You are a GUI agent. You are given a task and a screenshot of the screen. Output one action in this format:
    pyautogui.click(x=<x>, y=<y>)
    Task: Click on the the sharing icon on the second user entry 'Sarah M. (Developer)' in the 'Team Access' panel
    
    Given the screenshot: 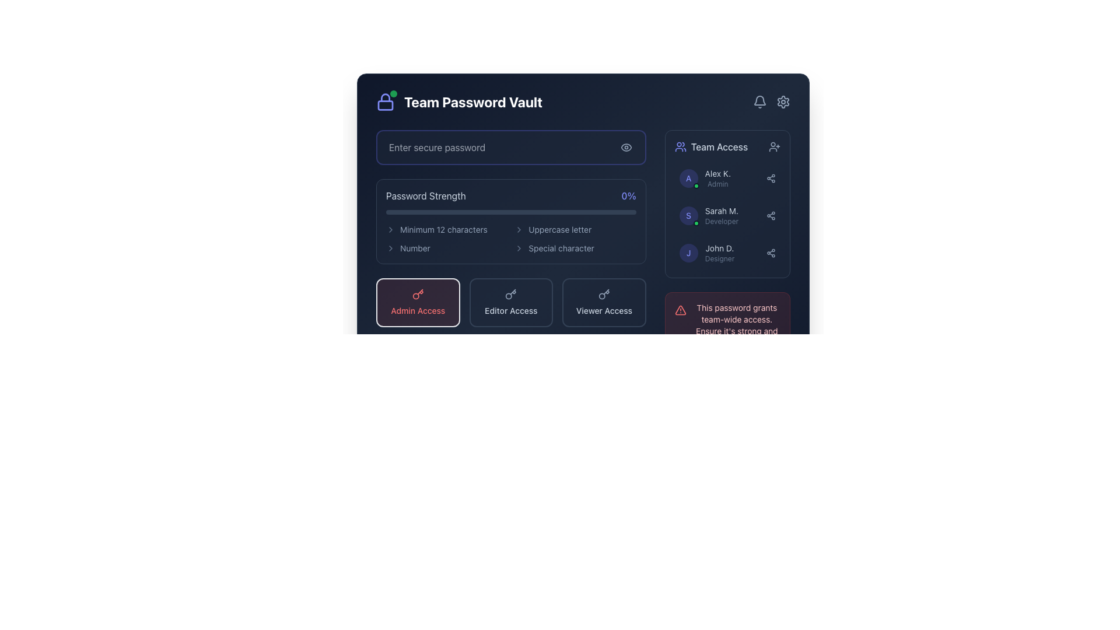 What is the action you would take?
    pyautogui.click(x=727, y=216)
    